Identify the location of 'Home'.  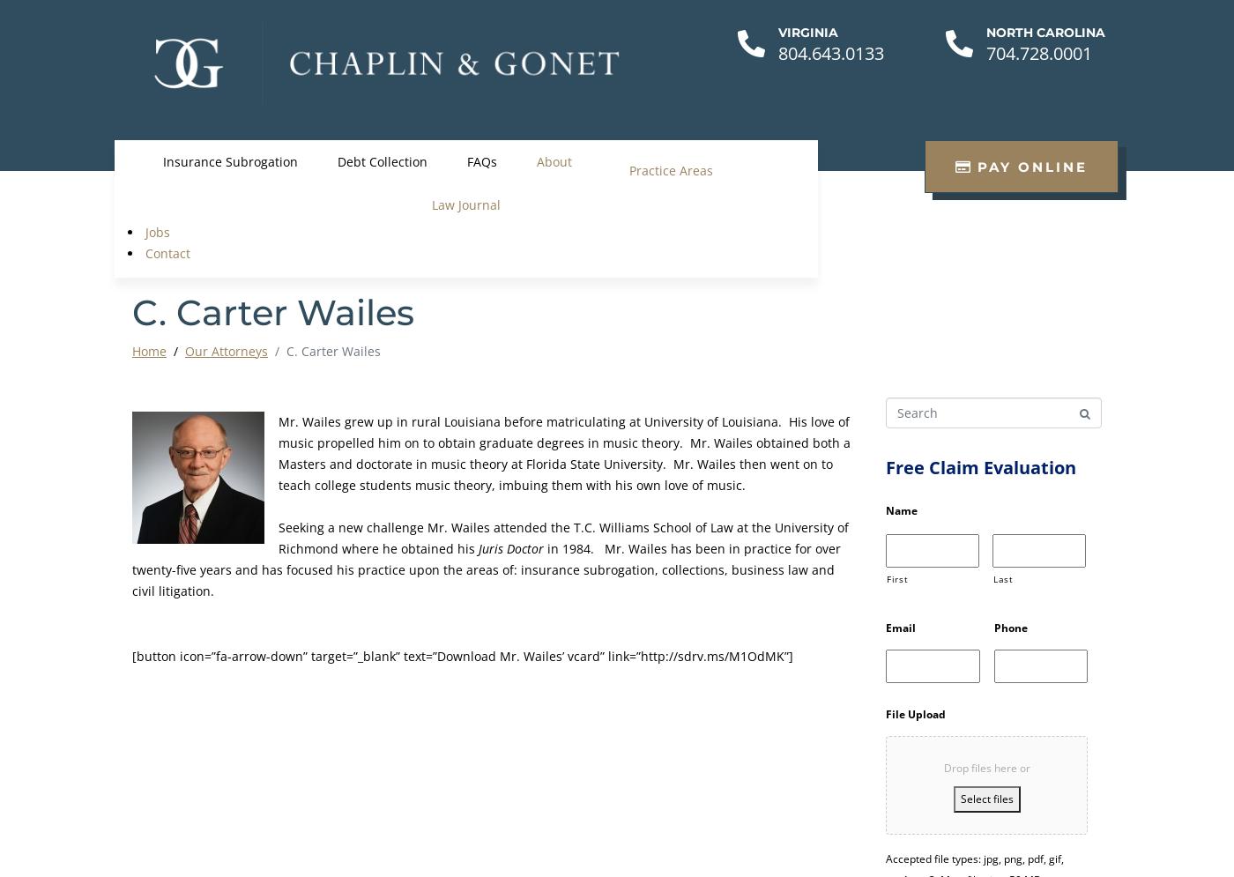
(149, 351).